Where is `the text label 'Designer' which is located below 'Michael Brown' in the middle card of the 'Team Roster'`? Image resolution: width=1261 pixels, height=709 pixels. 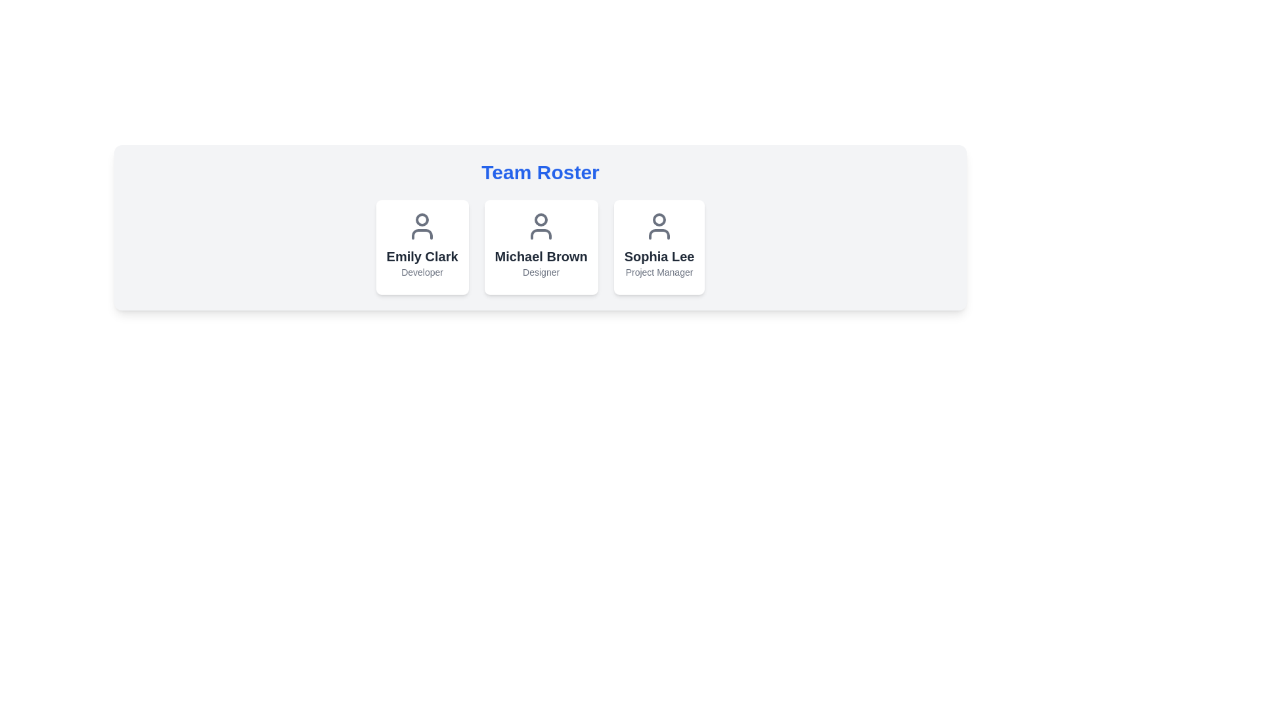
the text label 'Designer' which is located below 'Michael Brown' in the middle card of the 'Team Roster' is located at coordinates (541, 272).